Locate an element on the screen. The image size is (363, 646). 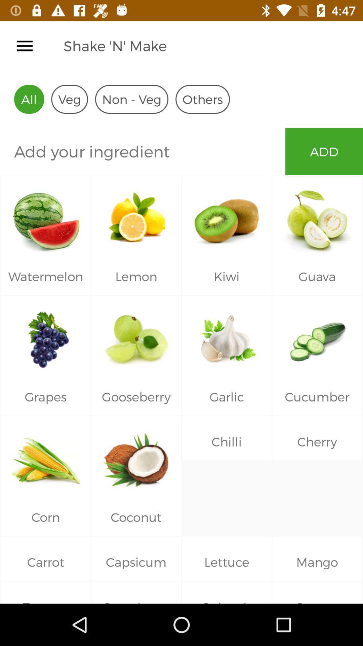
the grapes image is located at coordinates (45, 337).